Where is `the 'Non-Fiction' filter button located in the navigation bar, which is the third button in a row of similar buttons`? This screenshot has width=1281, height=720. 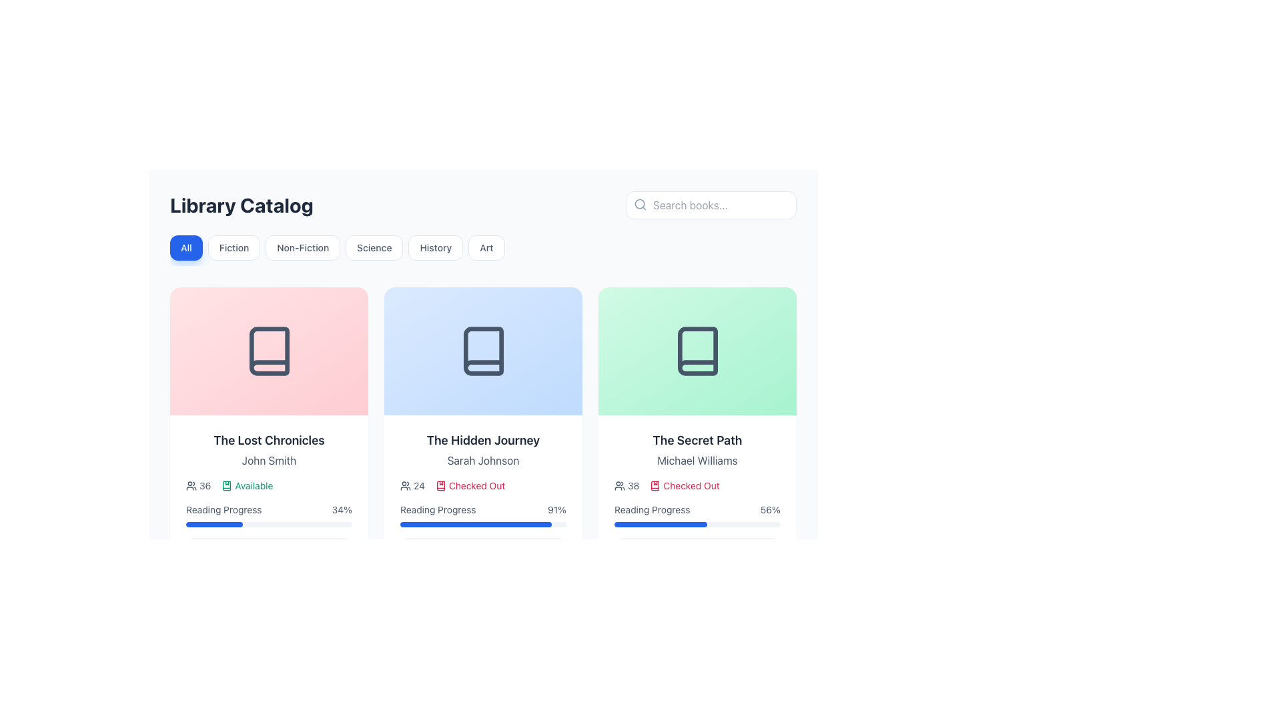 the 'Non-Fiction' filter button located in the navigation bar, which is the third button in a row of similar buttons is located at coordinates (302, 247).